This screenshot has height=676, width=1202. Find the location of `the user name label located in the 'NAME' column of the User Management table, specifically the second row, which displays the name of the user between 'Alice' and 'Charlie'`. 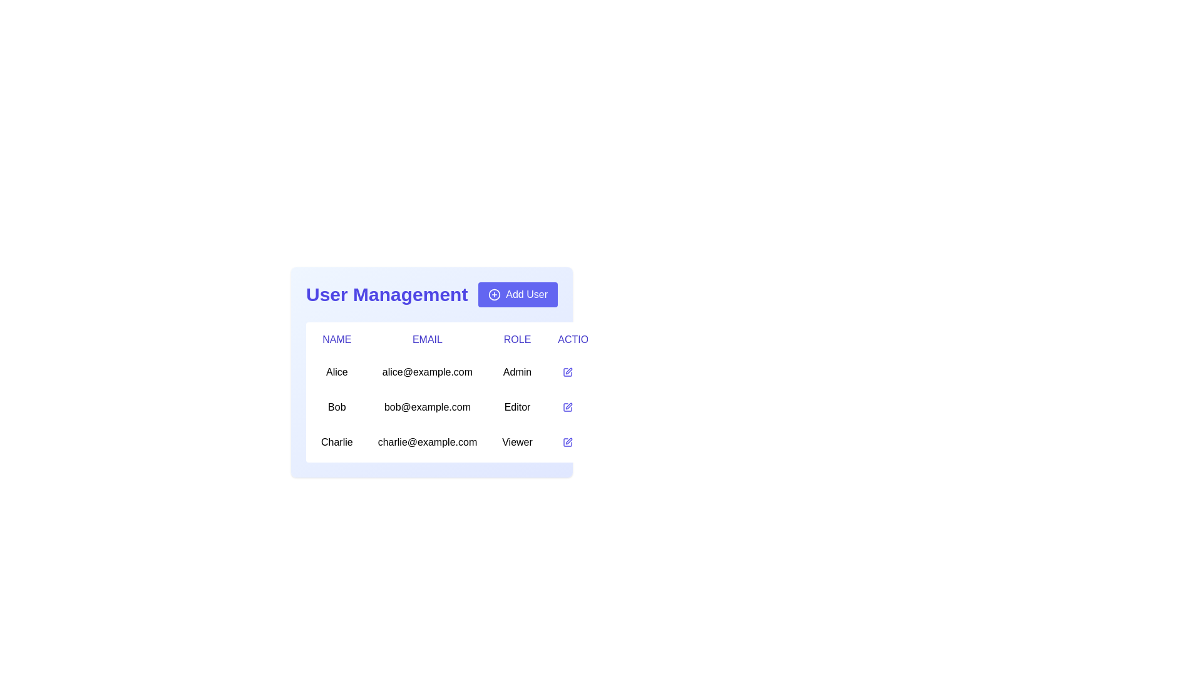

the user name label located in the 'NAME' column of the User Management table, specifically the second row, which displays the name of the user between 'Alice' and 'Charlie' is located at coordinates (337, 407).